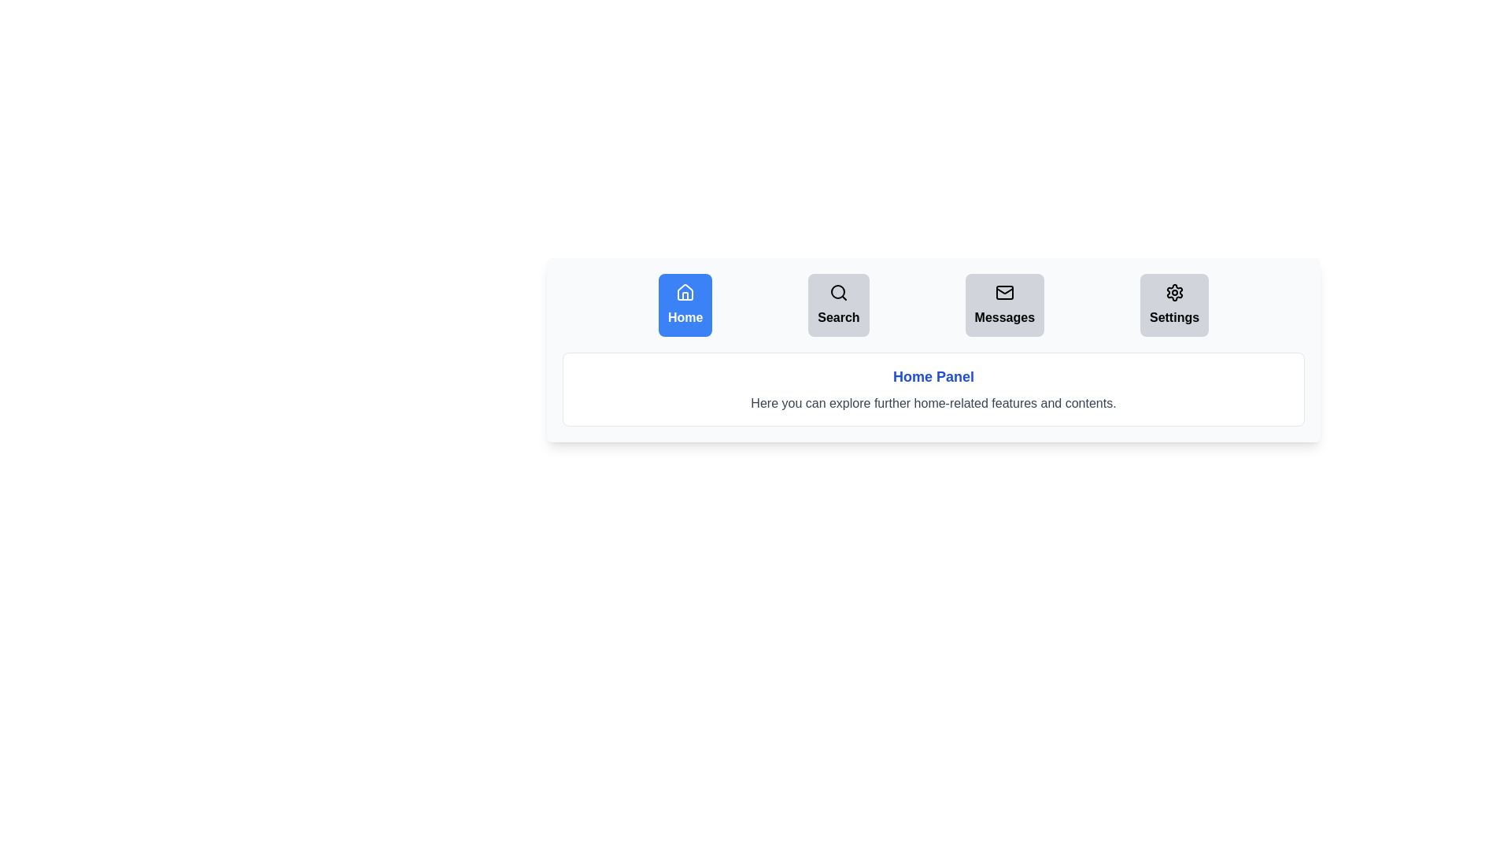 This screenshot has width=1511, height=850. What do you see at coordinates (1174, 292) in the screenshot?
I see `the cogwheel or gear icon labeled 'Settings' located at the top right of the visible panel` at bounding box center [1174, 292].